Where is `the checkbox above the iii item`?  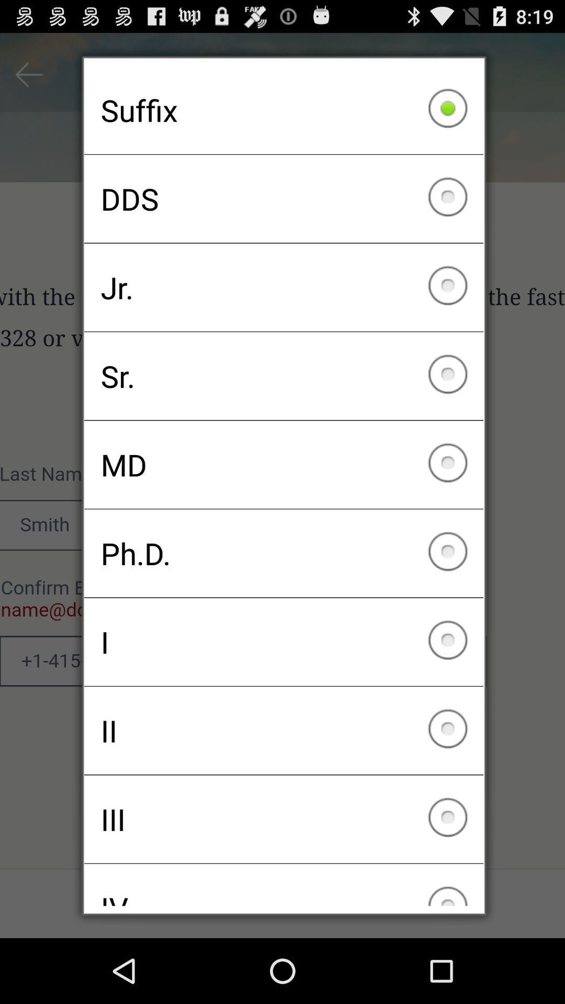
the checkbox above the iii item is located at coordinates (284, 730).